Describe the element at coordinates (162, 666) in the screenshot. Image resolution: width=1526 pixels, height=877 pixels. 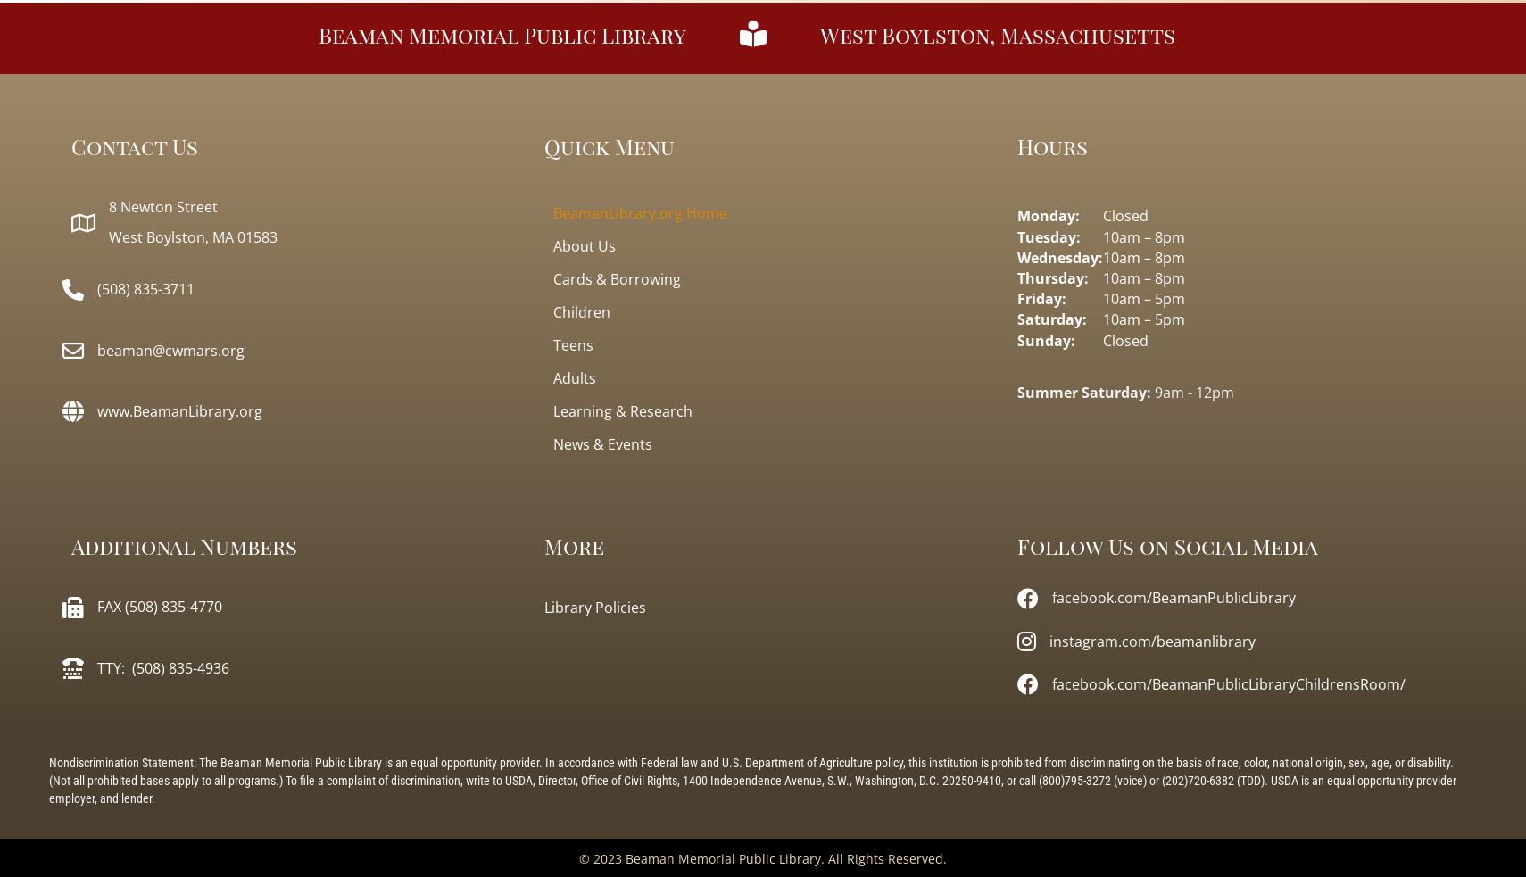
I see `'TTY:  (508) 835-4936'` at that location.